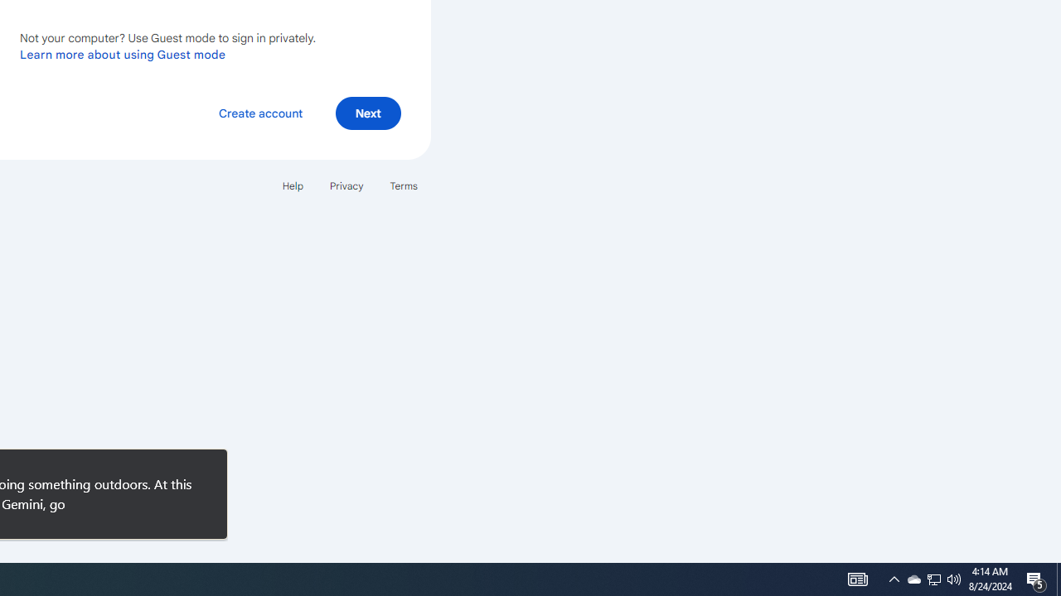  I want to click on 'Help', so click(292, 185).